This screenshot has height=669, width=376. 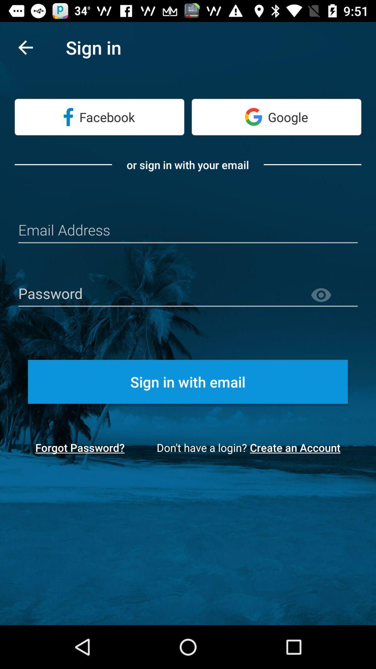 I want to click on show password, so click(x=334, y=295).